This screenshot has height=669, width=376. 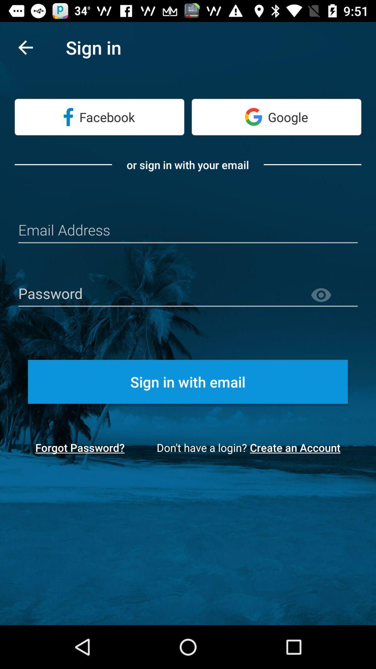 I want to click on show password, so click(x=334, y=295).